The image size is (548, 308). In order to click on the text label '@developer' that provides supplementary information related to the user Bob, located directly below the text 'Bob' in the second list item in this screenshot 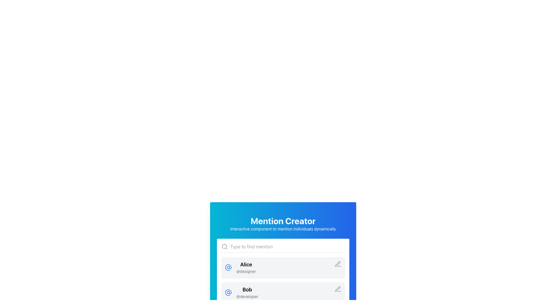, I will do `click(247, 296)`.